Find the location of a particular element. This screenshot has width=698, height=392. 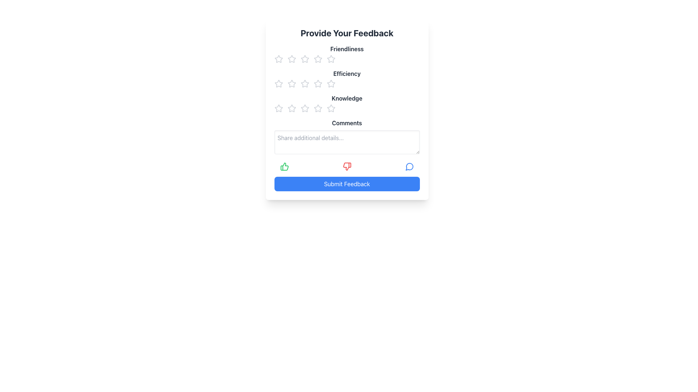

the green thumbs-up icon located at the leftmost side of the feedback options is located at coordinates (284, 167).